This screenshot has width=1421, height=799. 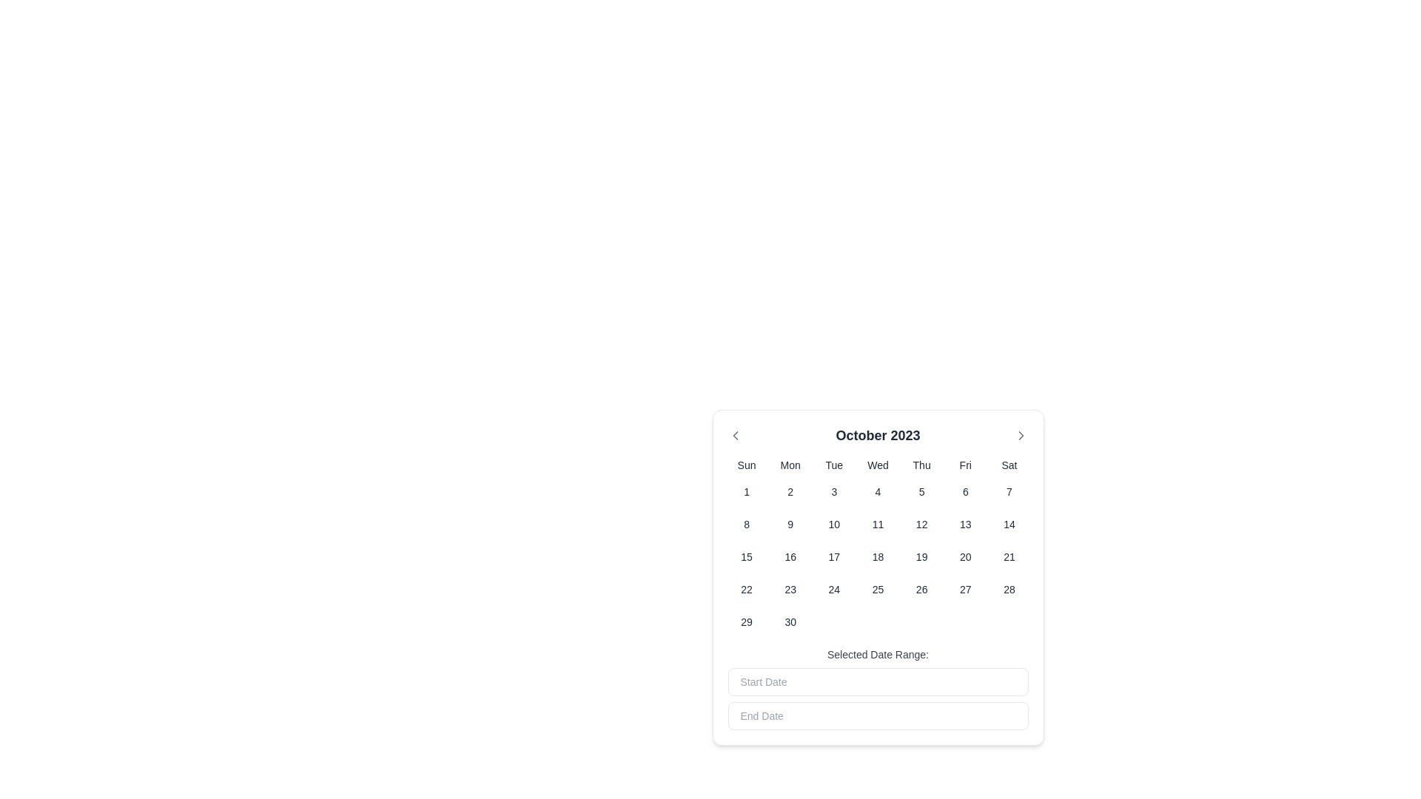 What do you see at coordinates (1020, 435) in the screenshot?
I see `the chevron icon located in the upper-right section of the calendar widget, directly rightward of the month title 'October 2023'` at bounding box center [1020, 435].